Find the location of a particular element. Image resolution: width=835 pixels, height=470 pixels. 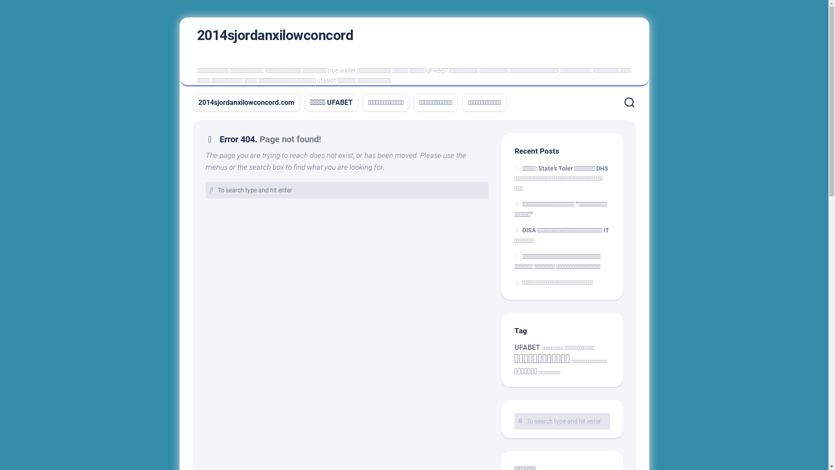

'UFABET' is located at coordinates (526, 347).